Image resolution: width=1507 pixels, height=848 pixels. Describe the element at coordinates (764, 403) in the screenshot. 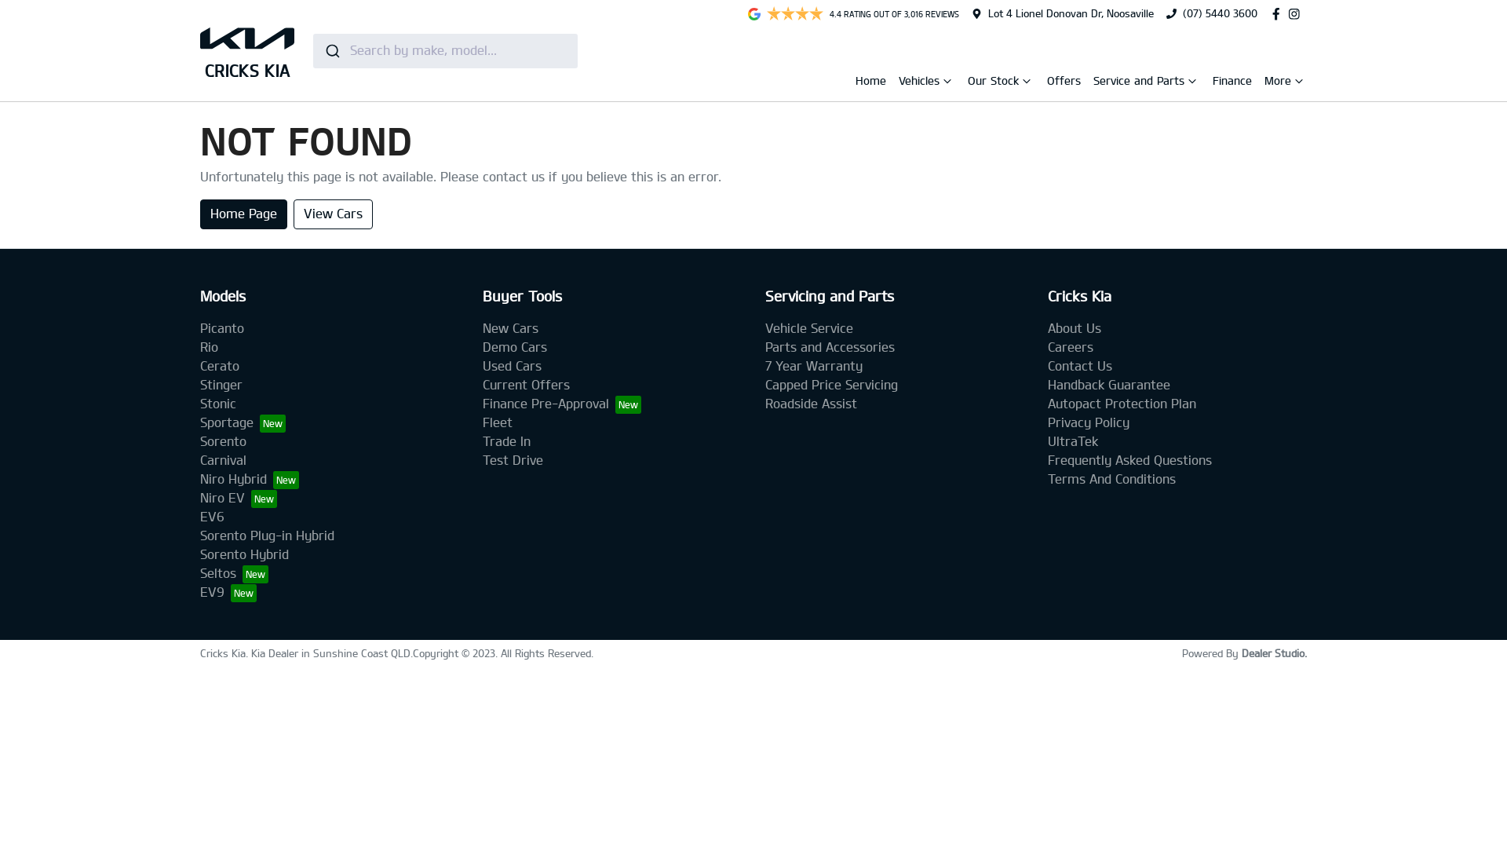

I see `'Roadside Assist'` at that location.